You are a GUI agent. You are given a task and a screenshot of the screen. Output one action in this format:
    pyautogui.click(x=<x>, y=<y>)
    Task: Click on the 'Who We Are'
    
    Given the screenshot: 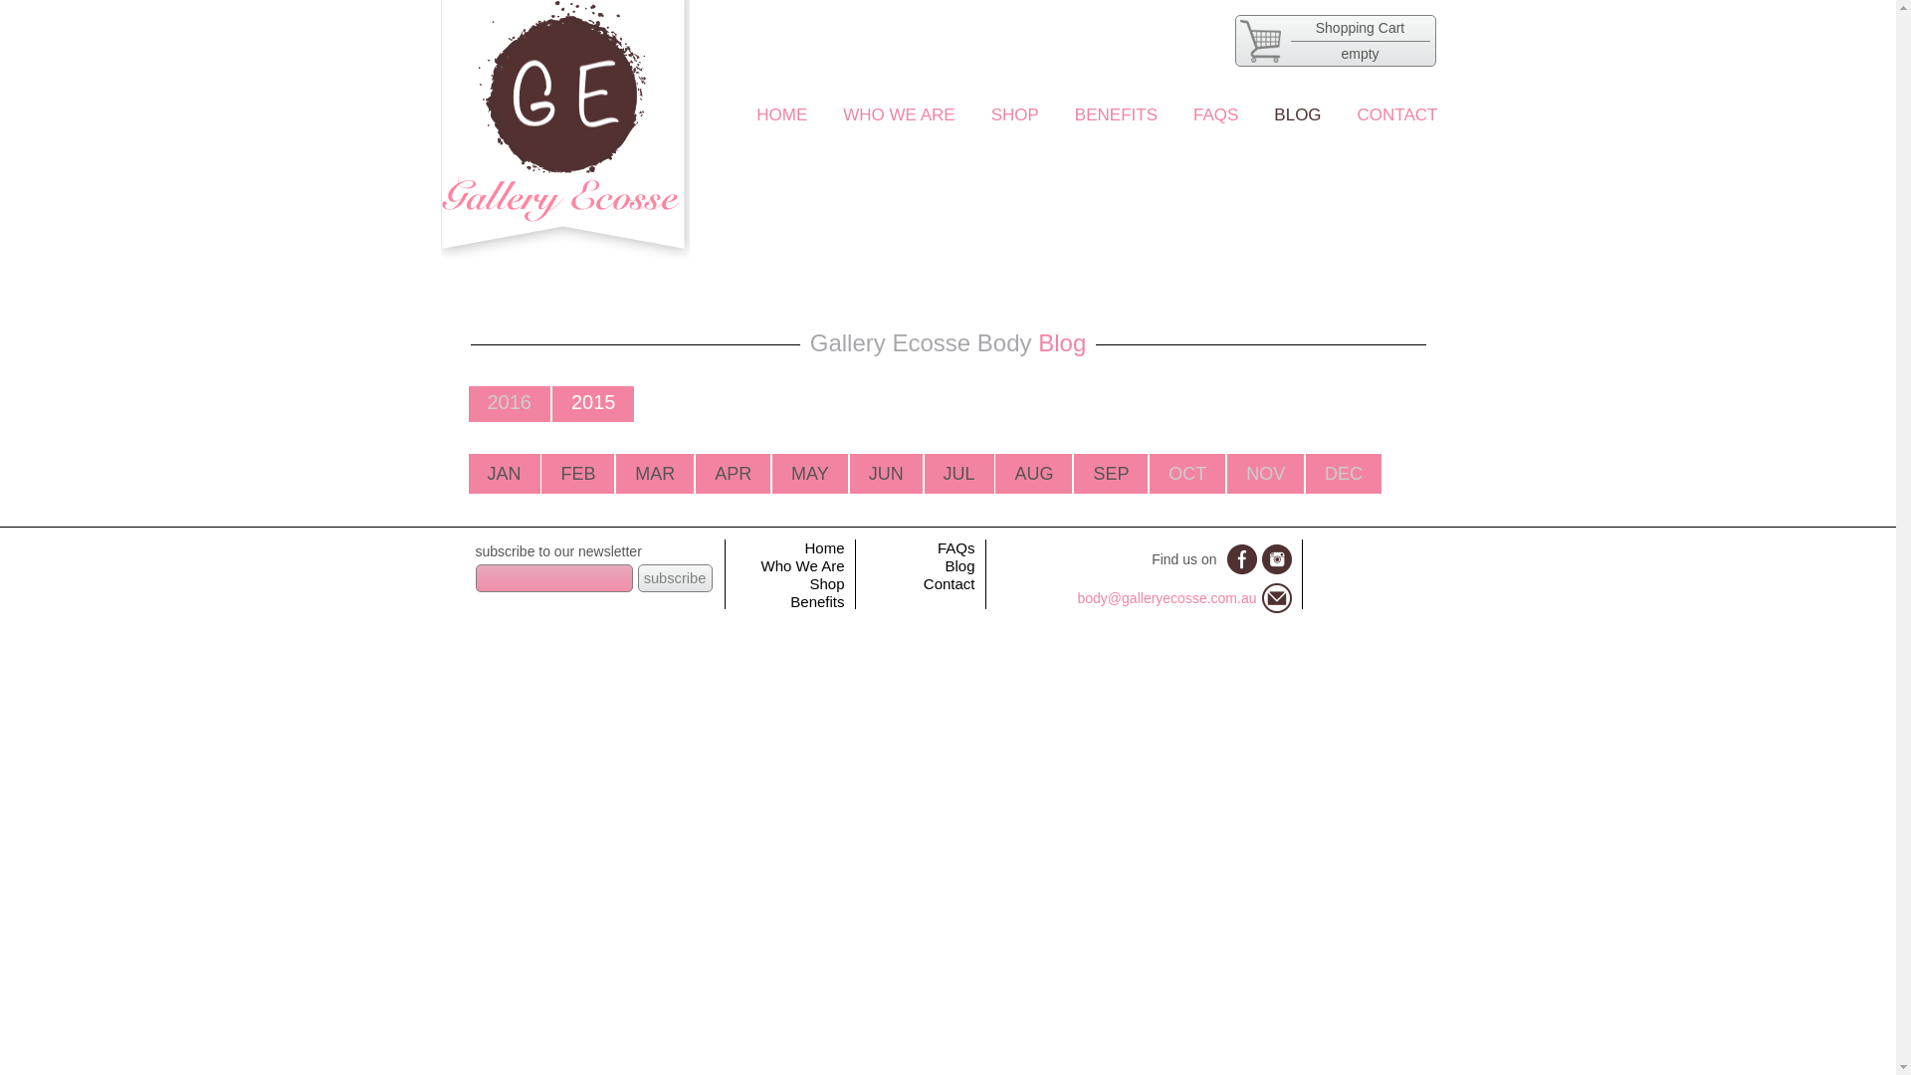 What is the action you would take?
    pyautogui.click(x=802, y=565)
    